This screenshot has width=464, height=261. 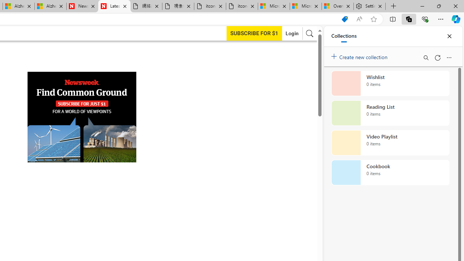 I want to click on 'Overview', so click(x=337, y=6).